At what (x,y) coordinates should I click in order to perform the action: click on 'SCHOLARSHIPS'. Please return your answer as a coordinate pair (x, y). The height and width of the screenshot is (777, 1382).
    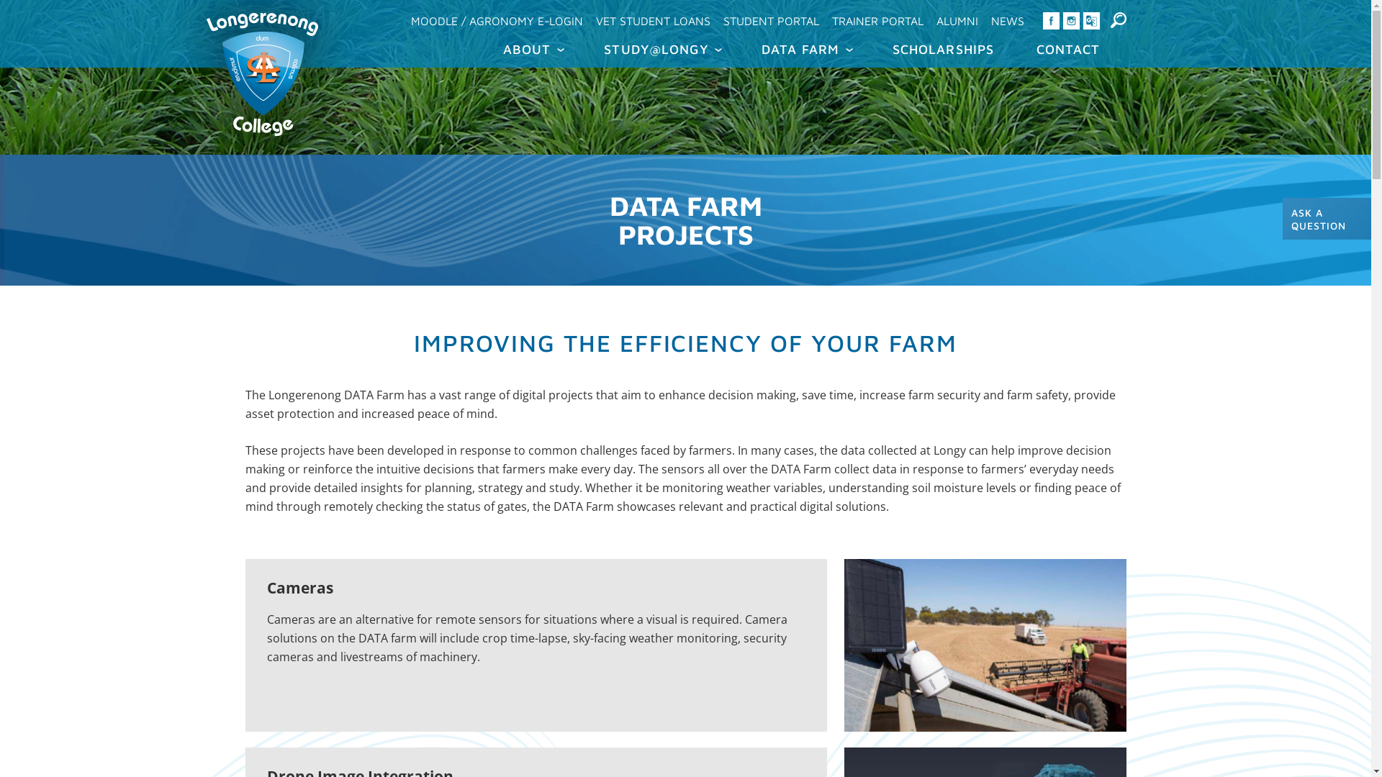
    Looking at the image, I should click on (943, 48).